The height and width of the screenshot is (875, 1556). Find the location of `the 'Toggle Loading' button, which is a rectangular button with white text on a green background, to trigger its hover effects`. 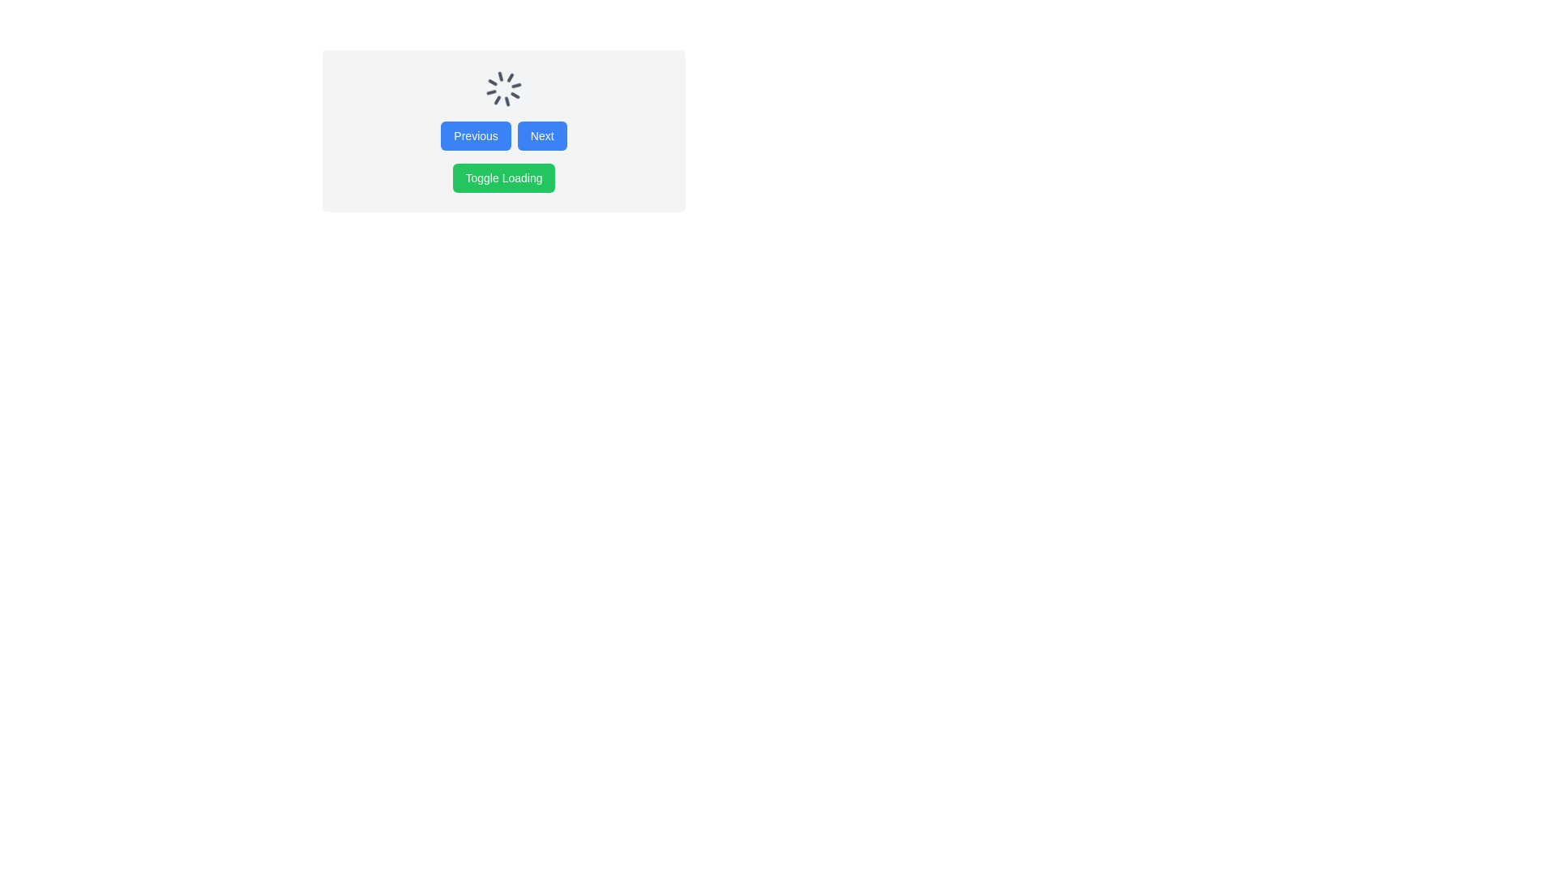

the 'Toggle Loading' button, which is a rectangular button with white text on a green background, to trigger its hover effects is located at coordinates (503, 177).